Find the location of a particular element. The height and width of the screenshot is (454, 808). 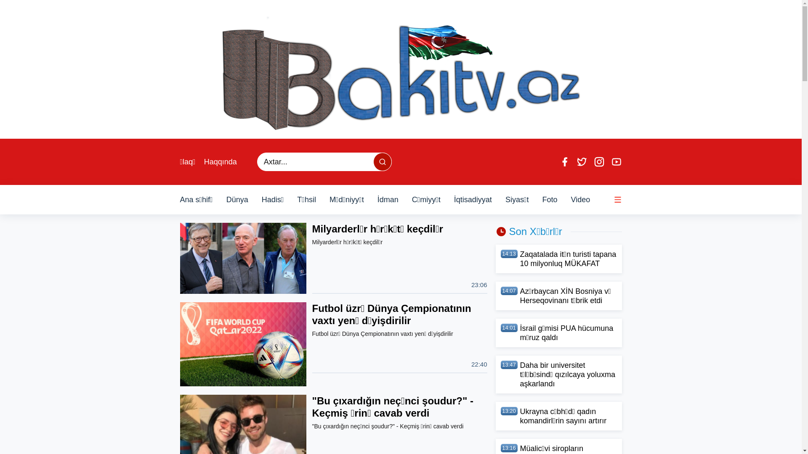

'Instagram' is located at coordinates (593, 162).